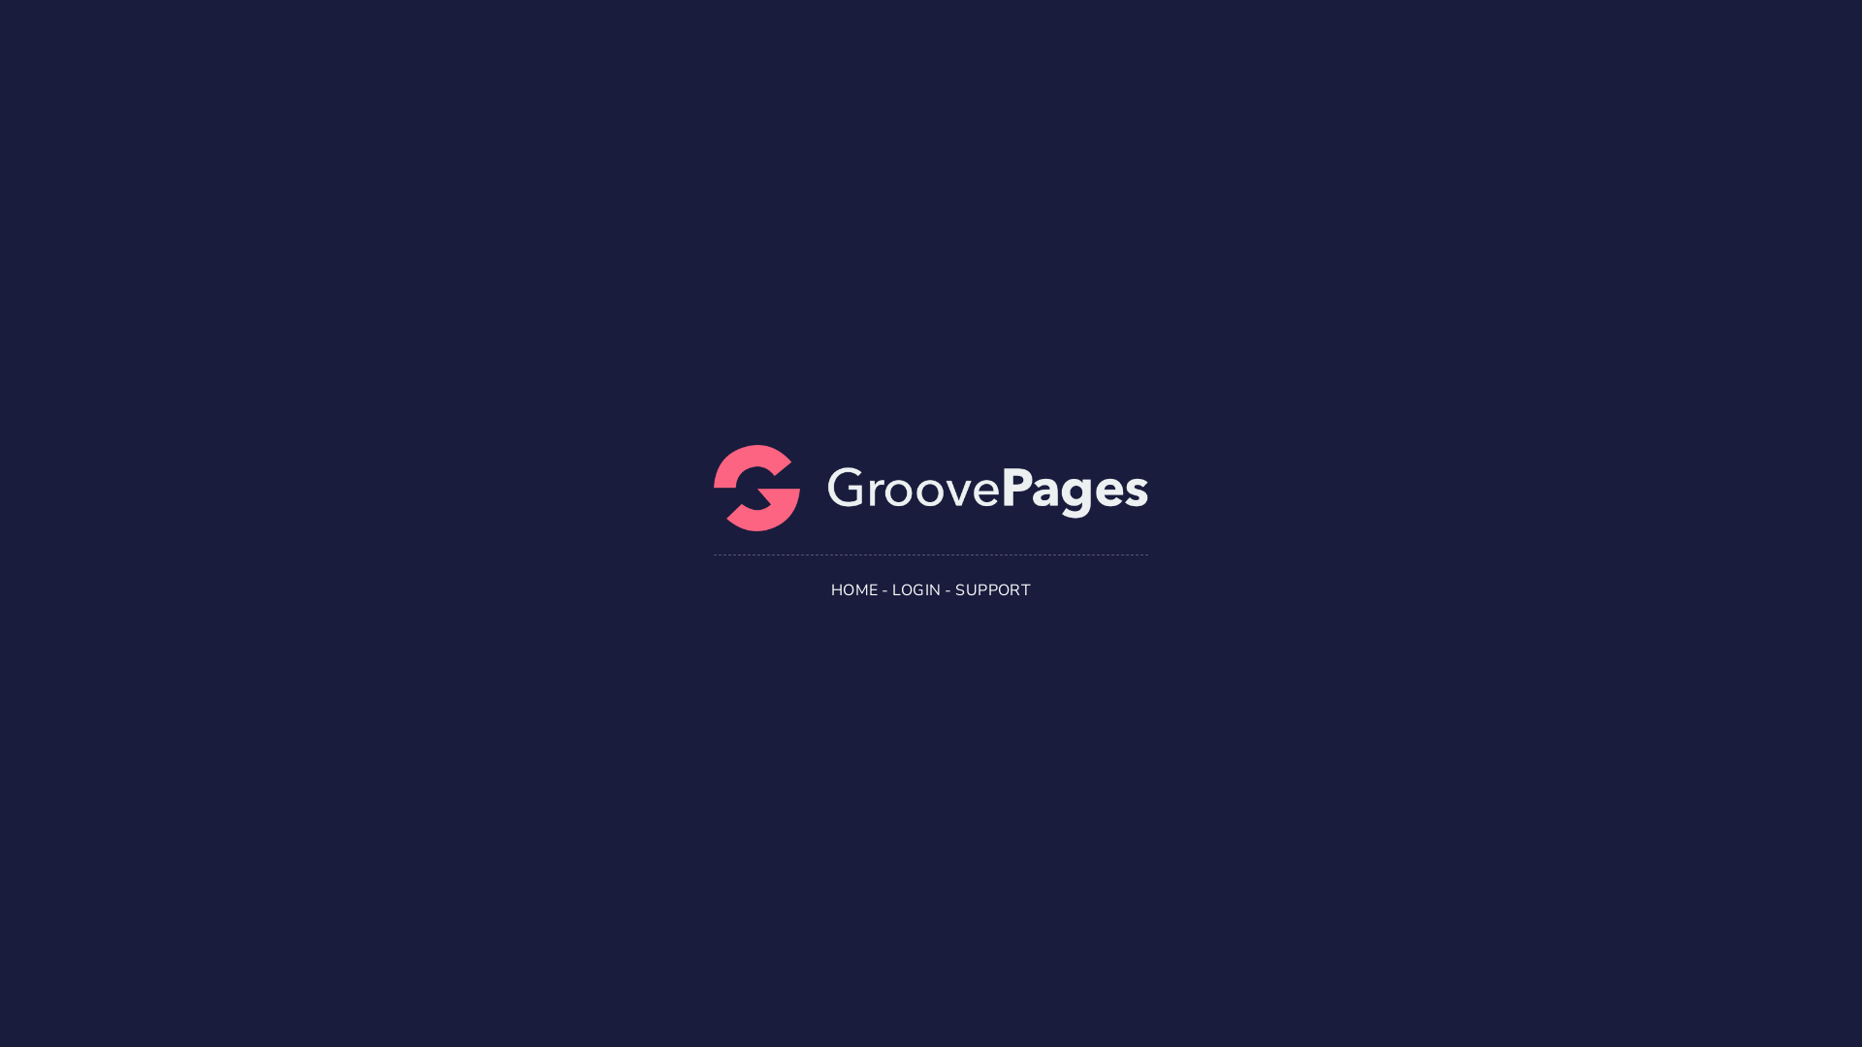 This screenshot has width=1862, height=1047. I want to click on 'HOME', so click(853, 589).